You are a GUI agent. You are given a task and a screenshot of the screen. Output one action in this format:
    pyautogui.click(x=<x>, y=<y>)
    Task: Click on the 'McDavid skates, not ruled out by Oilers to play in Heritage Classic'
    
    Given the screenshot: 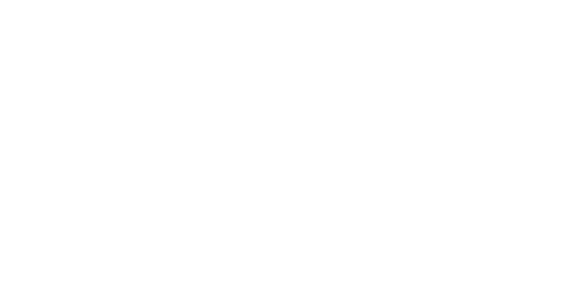 What is the action you would take?
    pyautogui.click(x=158, y=140)
    